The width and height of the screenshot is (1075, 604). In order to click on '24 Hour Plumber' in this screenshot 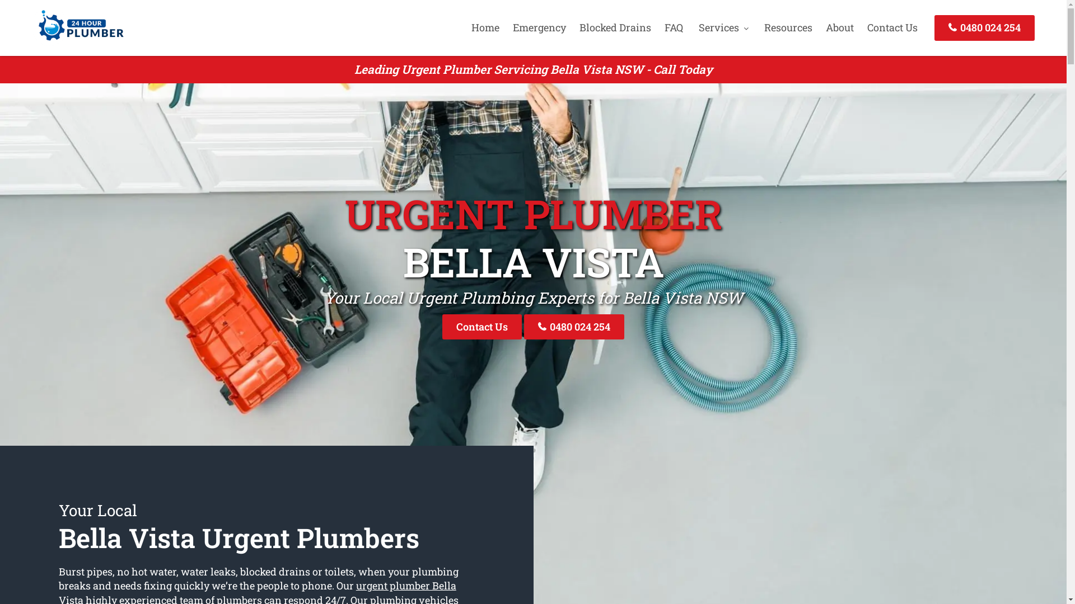, I will do `click(77, 41)`.